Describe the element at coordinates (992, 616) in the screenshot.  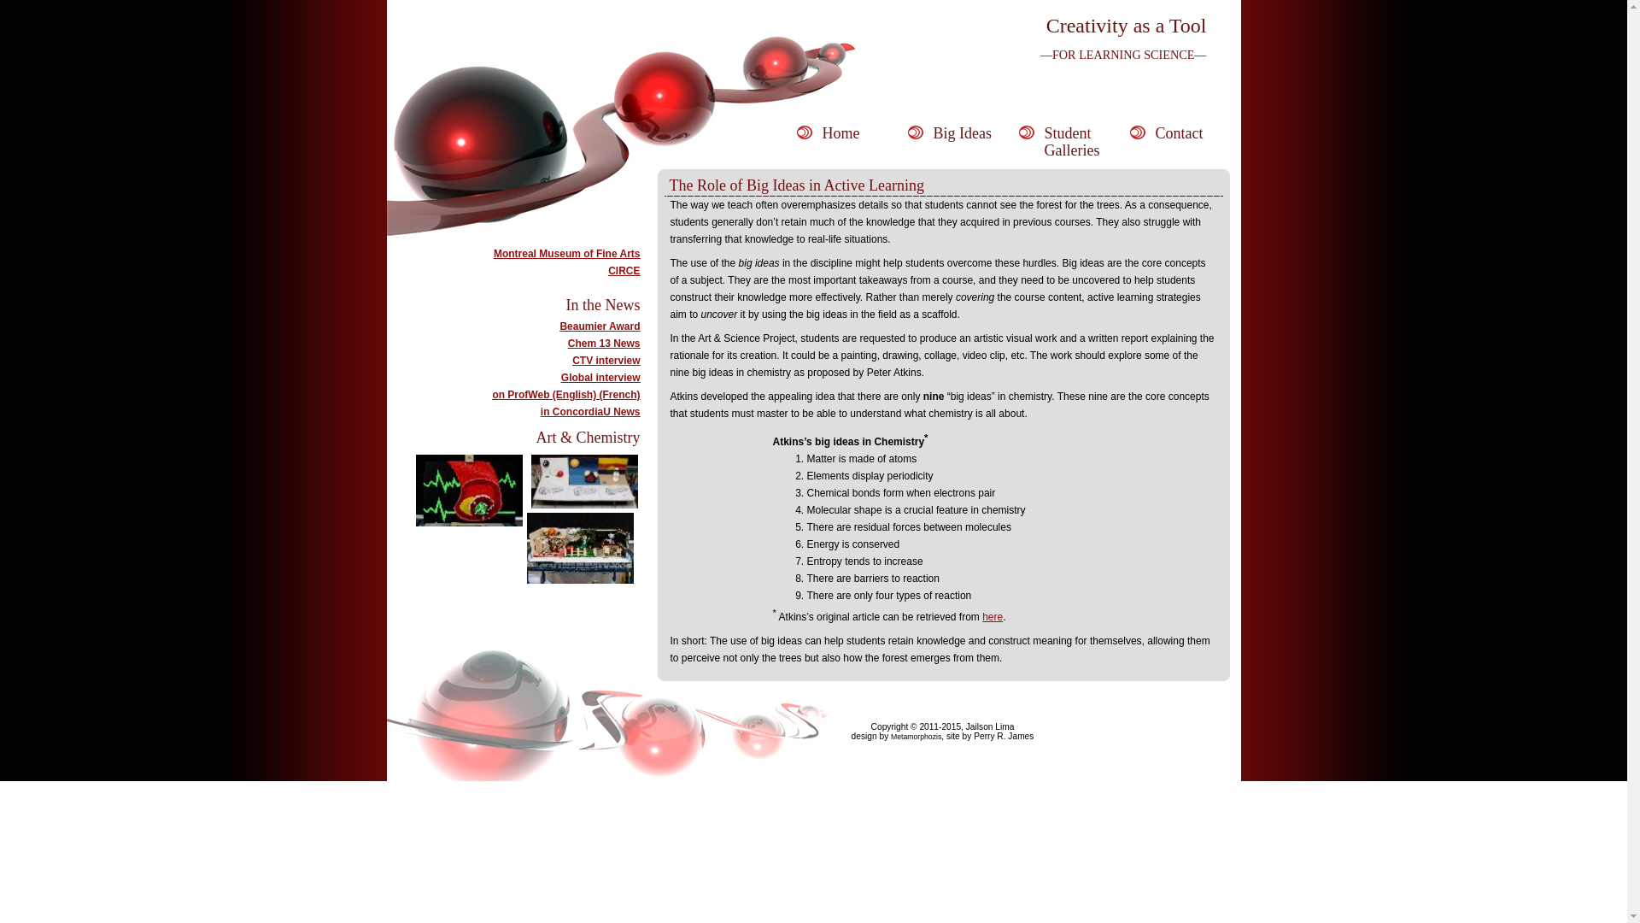
I see `'here'` at that location.